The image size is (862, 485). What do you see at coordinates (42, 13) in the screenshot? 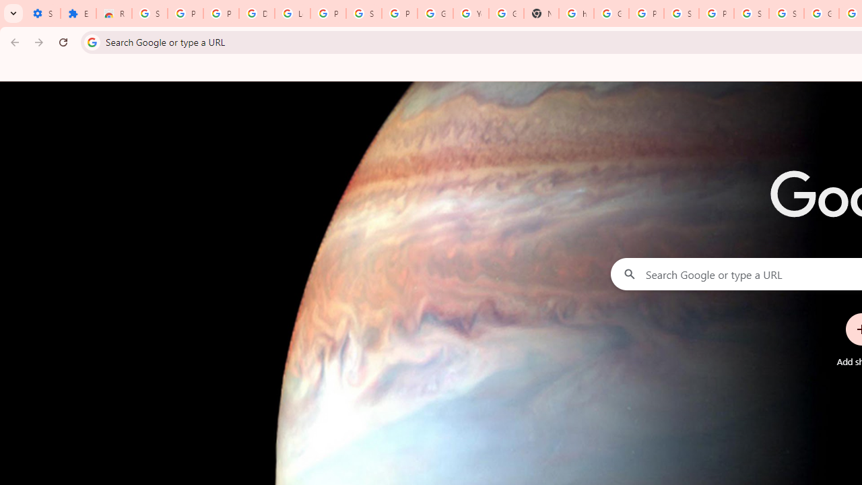
I see `'Settings - On startup'` at bounding box center [42, 13].